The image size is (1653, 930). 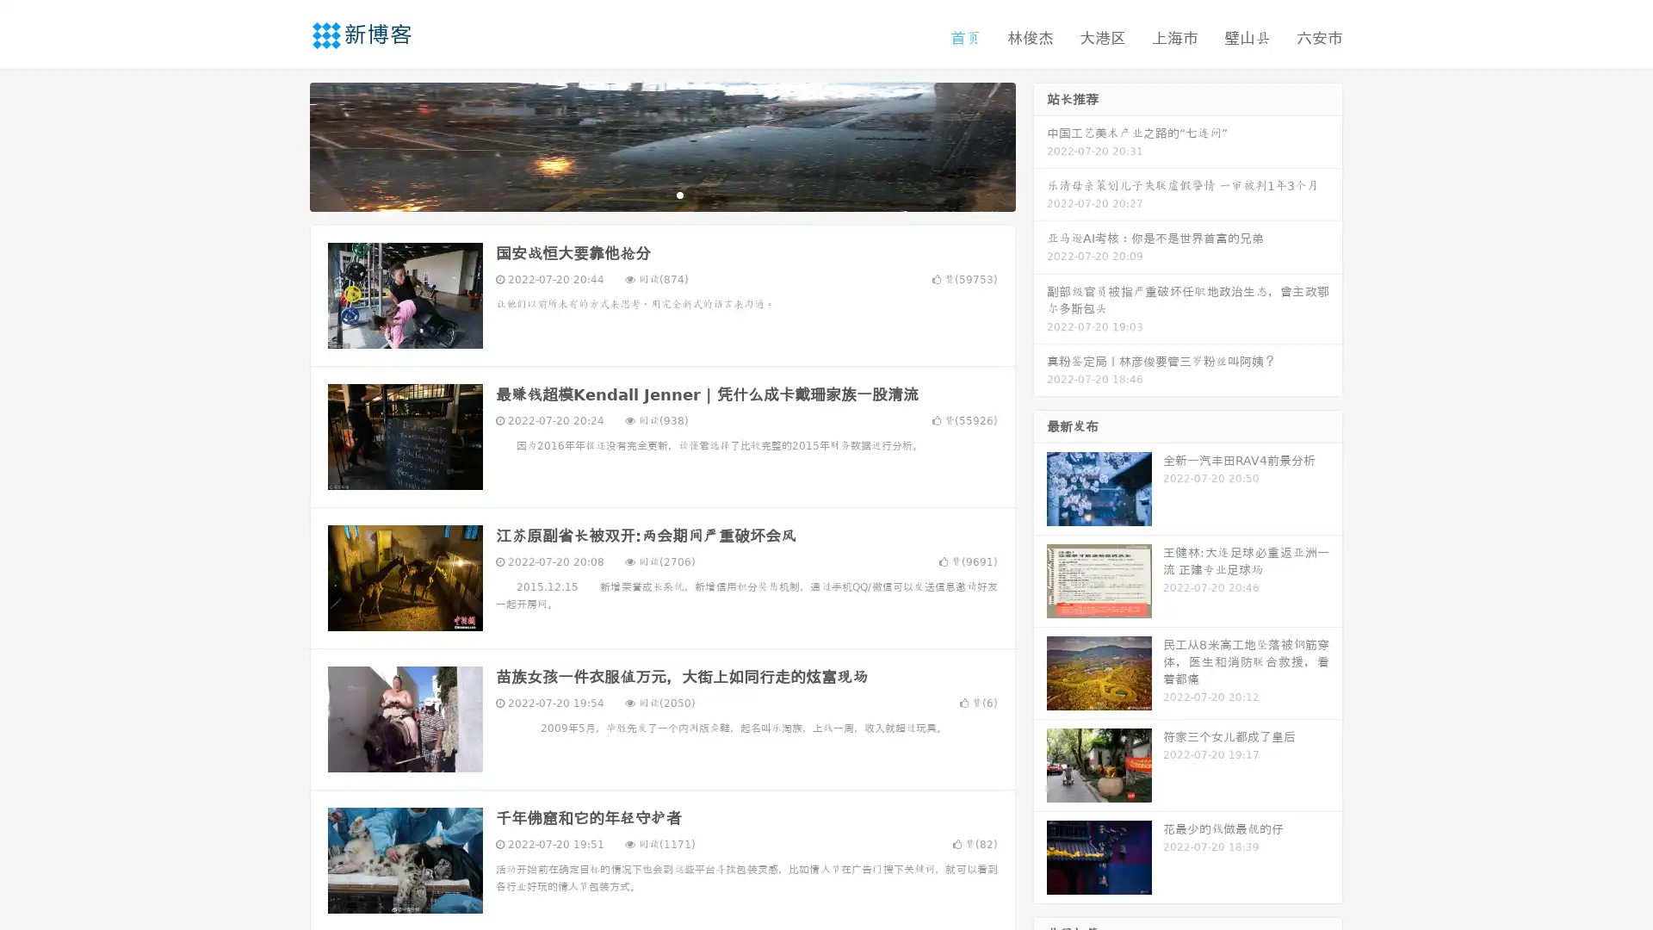 I want to click on Go to slide 3, so click(x=679, y=194).